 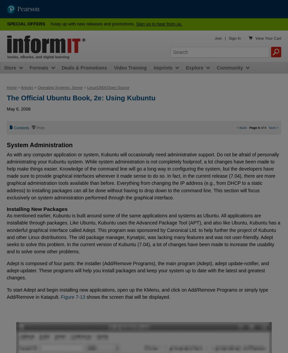 I want to click on 'Deals & Promotions', so click(x=84, y=67).